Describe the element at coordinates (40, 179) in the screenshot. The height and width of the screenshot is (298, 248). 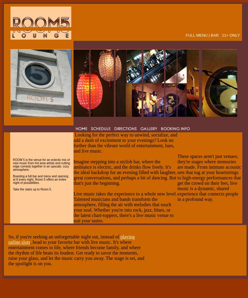
I see `'Boasting a full bar and menu and opening at 8 every night, Room 5 offers an entire night of possibilities.'` at that location.